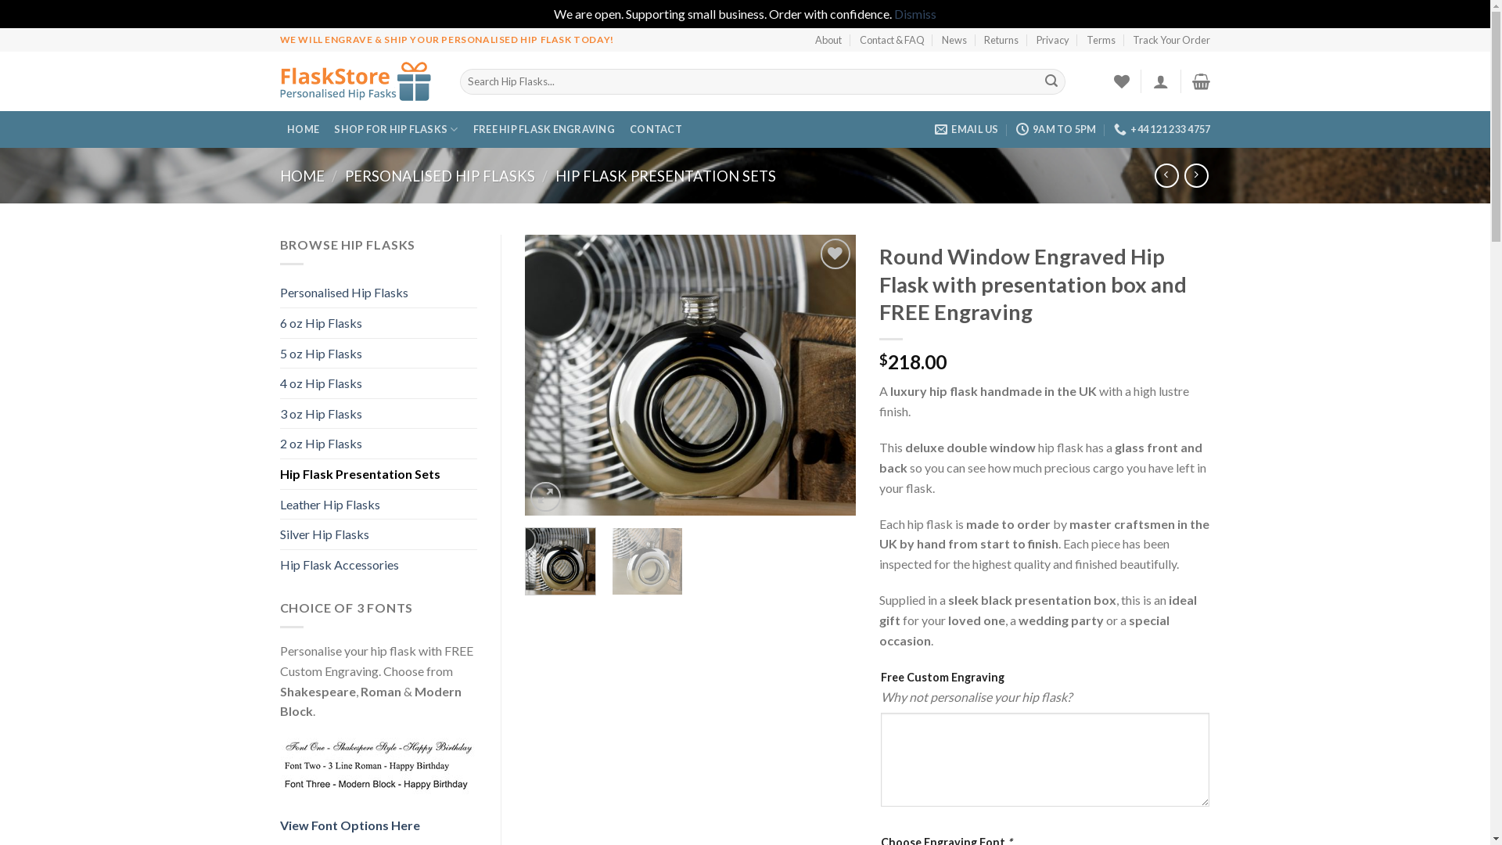 The image size is (1502, 845). What do you see at coordinates (379, 473) in the screenshot?
I see `'Hip Flask Presentation Sets'` at bounding box center [379, 473].